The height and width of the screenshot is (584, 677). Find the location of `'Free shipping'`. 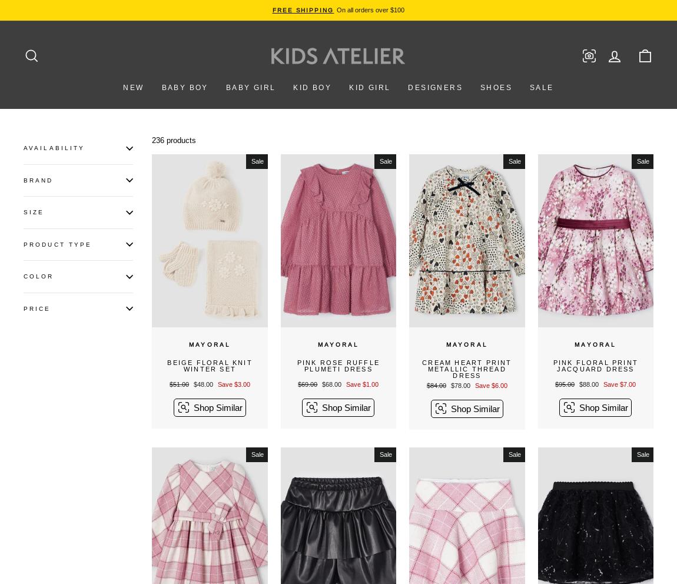

'Free shipping' is located at coordinates (303, 9).